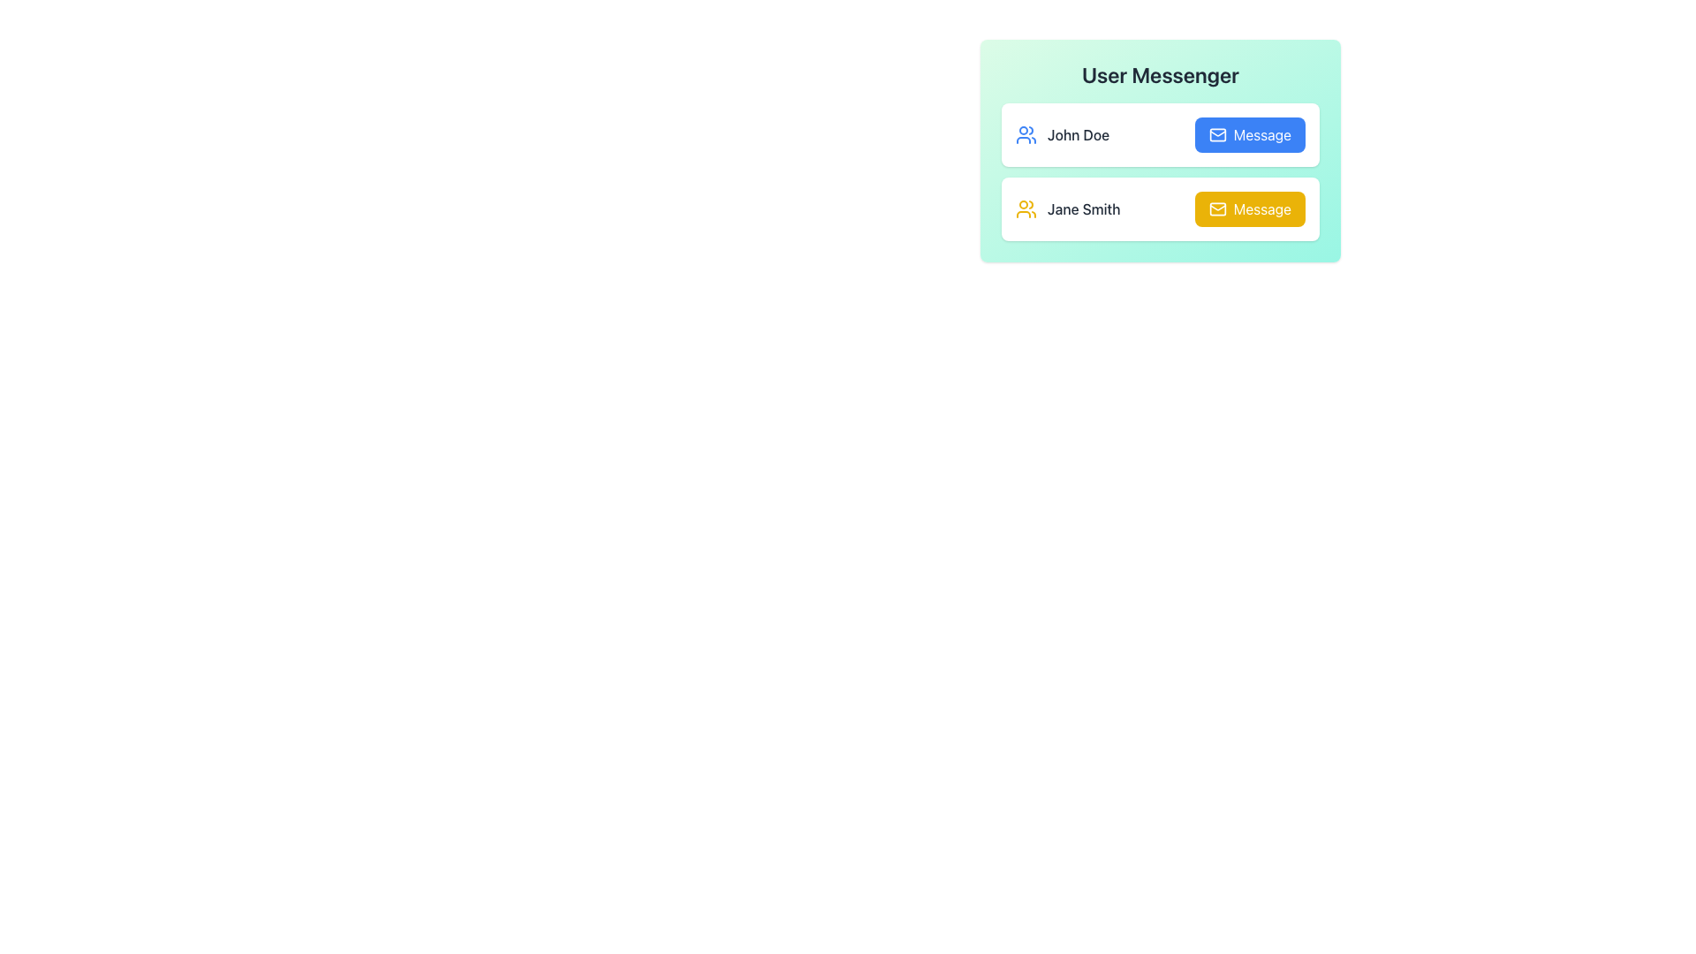  What do you see at coordinates (1026, 208) in the screenshot?
I see `the small yellow icon depicting two stylized human figures, which is located next to the name 'Jane Smith'` at bounding box center [1026, 208].